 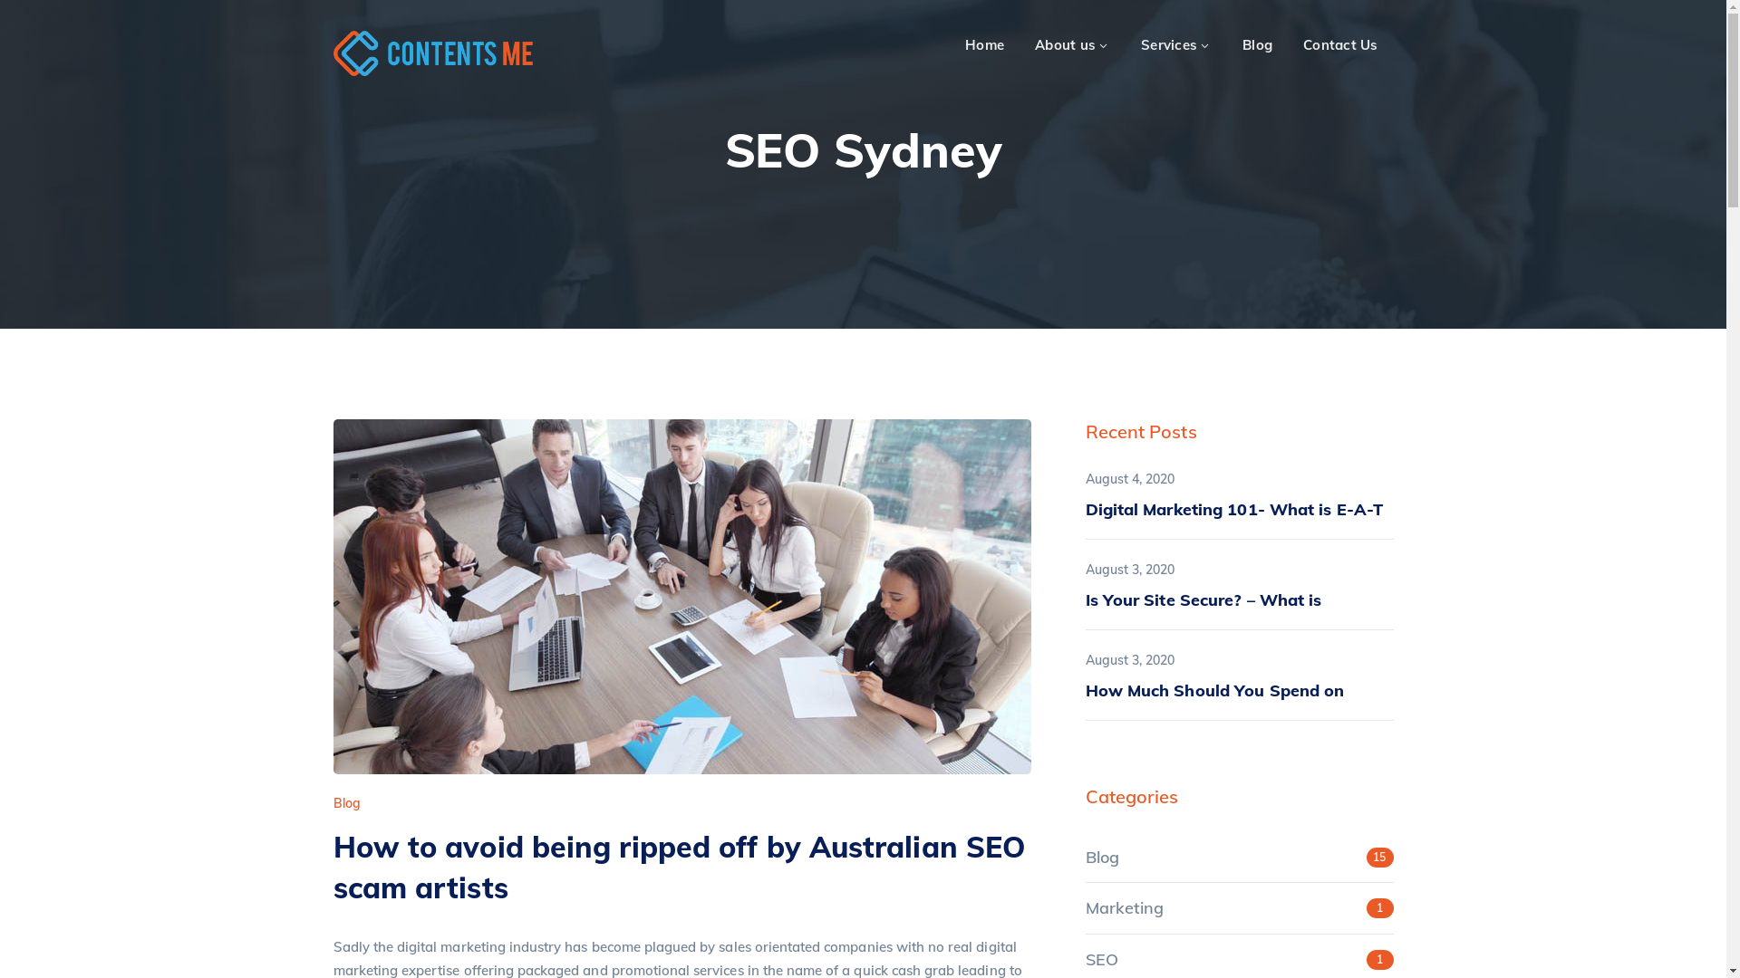 What do you see at coordinates (983, 44) in the screenshot?
I see `'Home'` at bounding box center [983, 44].